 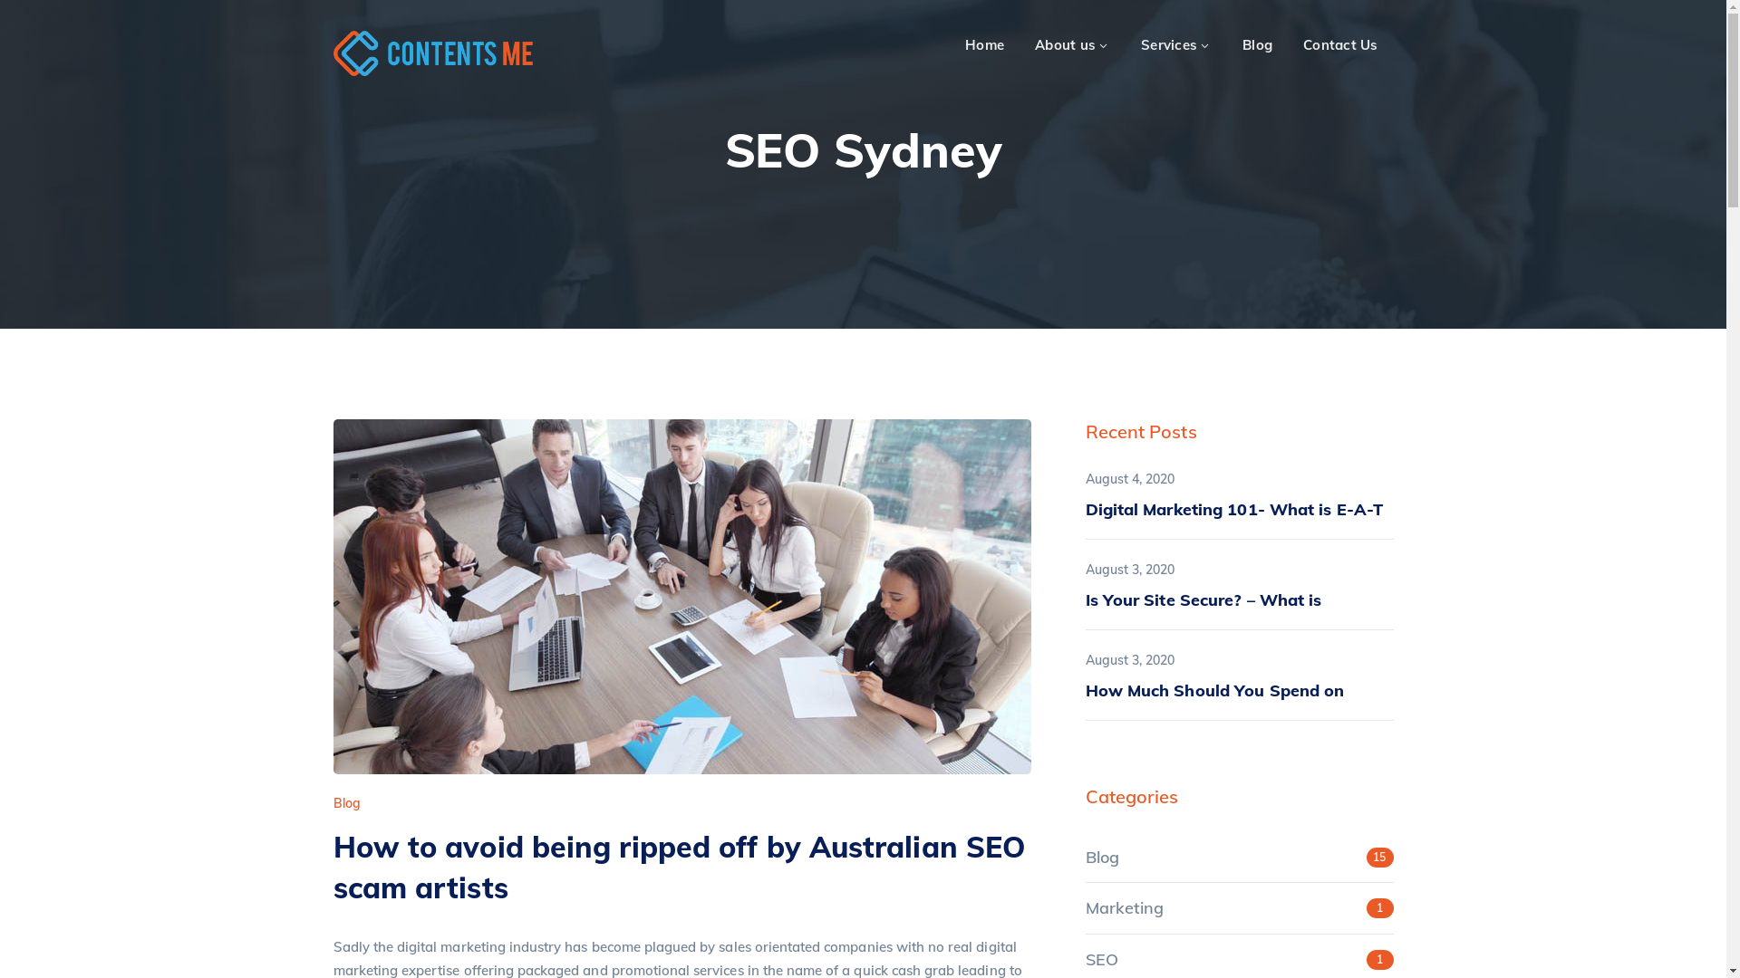 What do you see at coordinates (983, 44) in the screenshot?
I see `'Home'` at bounding box center [983, 44].